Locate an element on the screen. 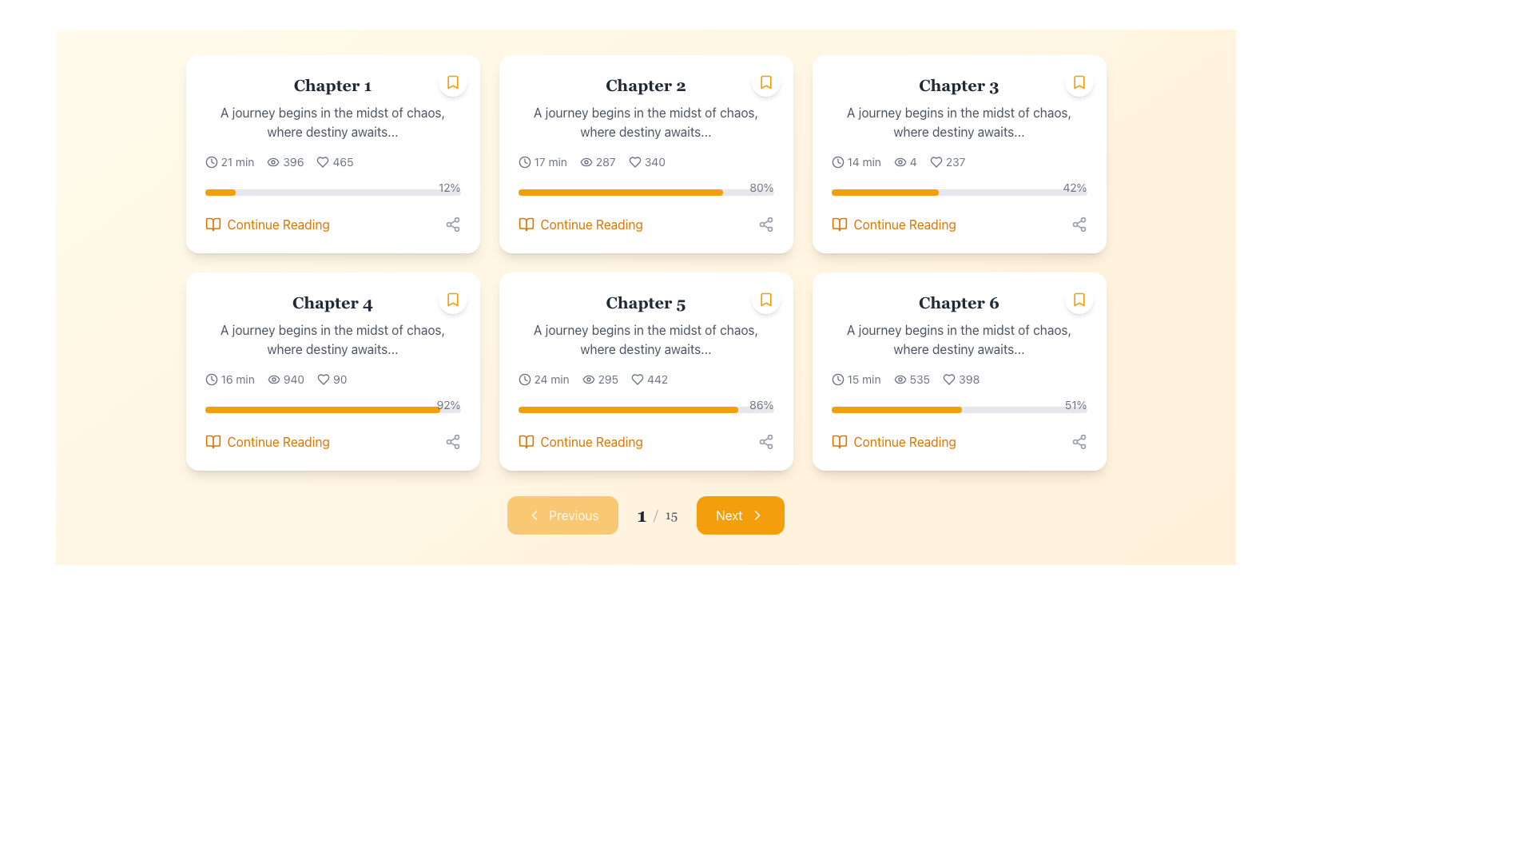  the static text label displaying '1/15', which is located within the pagination control section between the 'Previous' and 'Next' buttons is located at coordinates (657, 515).